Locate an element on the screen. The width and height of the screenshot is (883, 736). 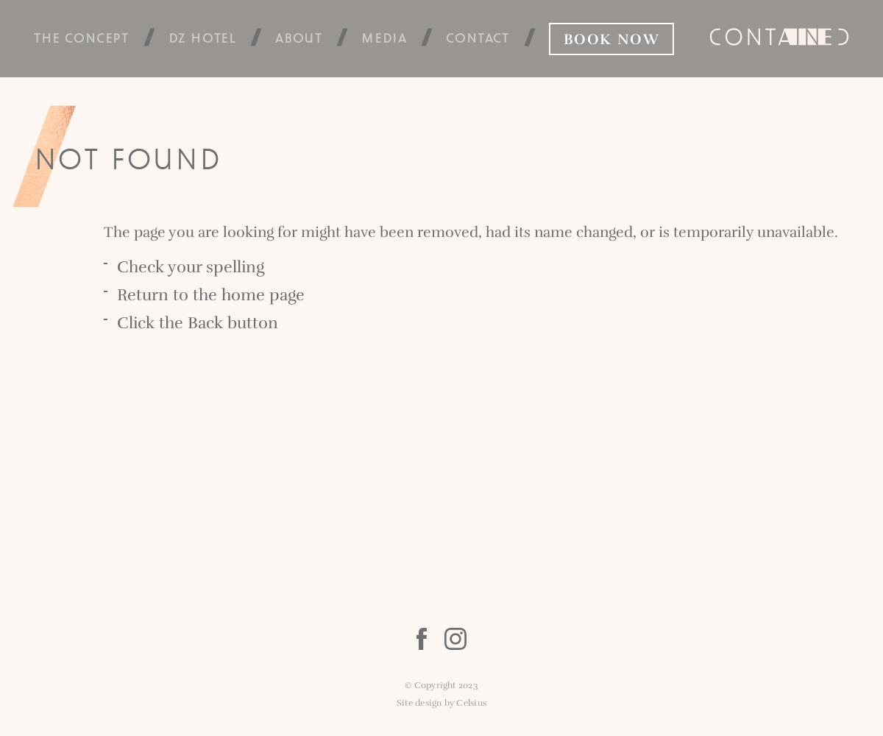
'Click the' is located at coordinates (151, 322).